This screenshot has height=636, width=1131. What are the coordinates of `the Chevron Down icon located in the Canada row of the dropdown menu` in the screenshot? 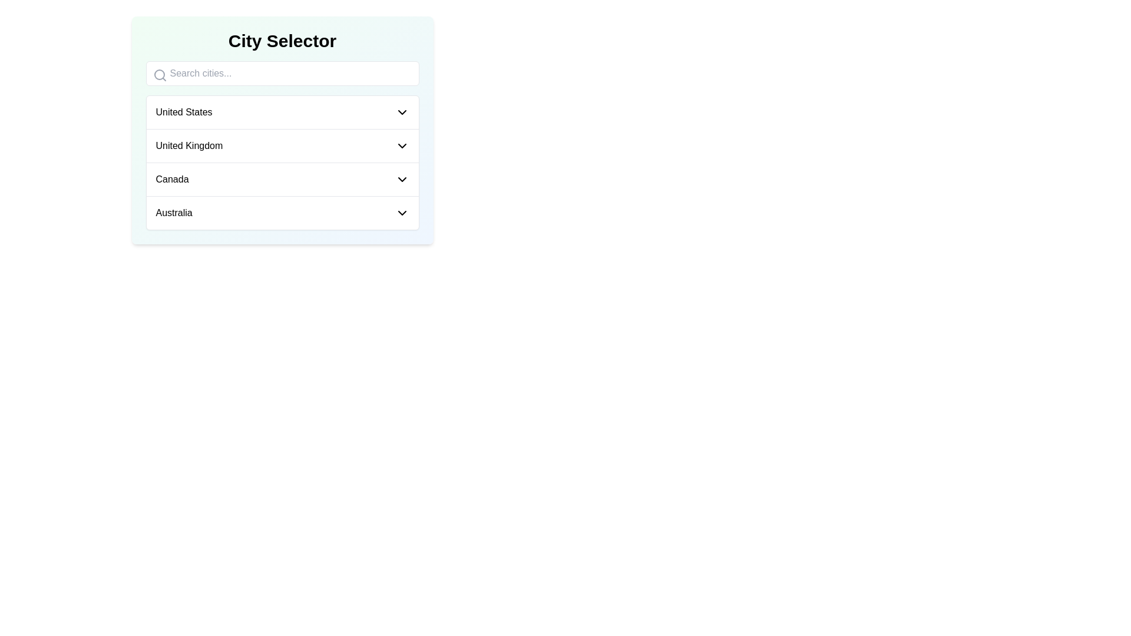 It's located at (402, 179).